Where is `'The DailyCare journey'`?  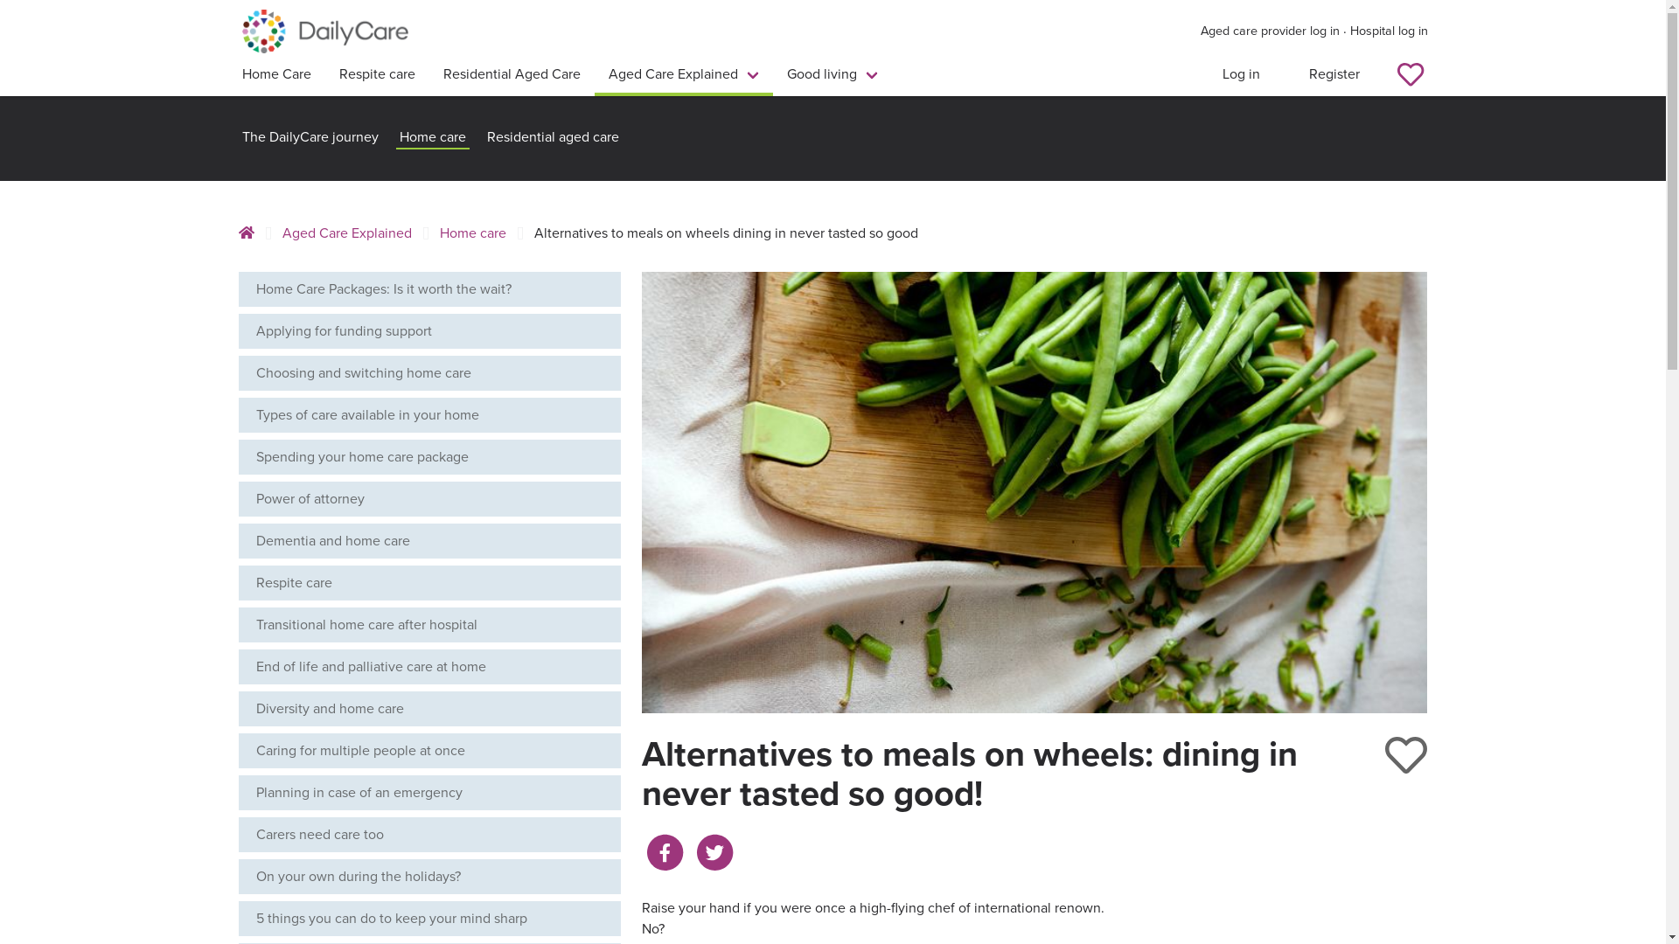 'The DailyCare journey' is located at coordinates (310, 137).